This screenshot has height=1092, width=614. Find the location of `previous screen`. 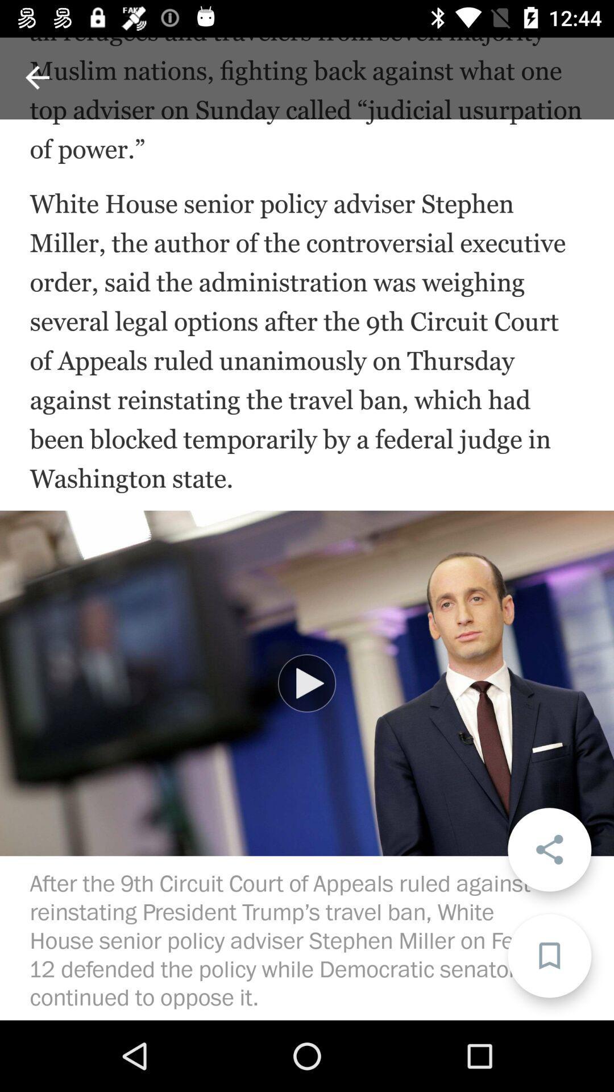

previous screen is located at coordinates (36, 77).